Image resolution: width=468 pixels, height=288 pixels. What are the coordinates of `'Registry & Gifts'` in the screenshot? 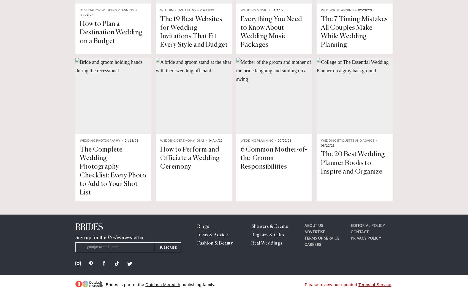 It's located at (251, 235).